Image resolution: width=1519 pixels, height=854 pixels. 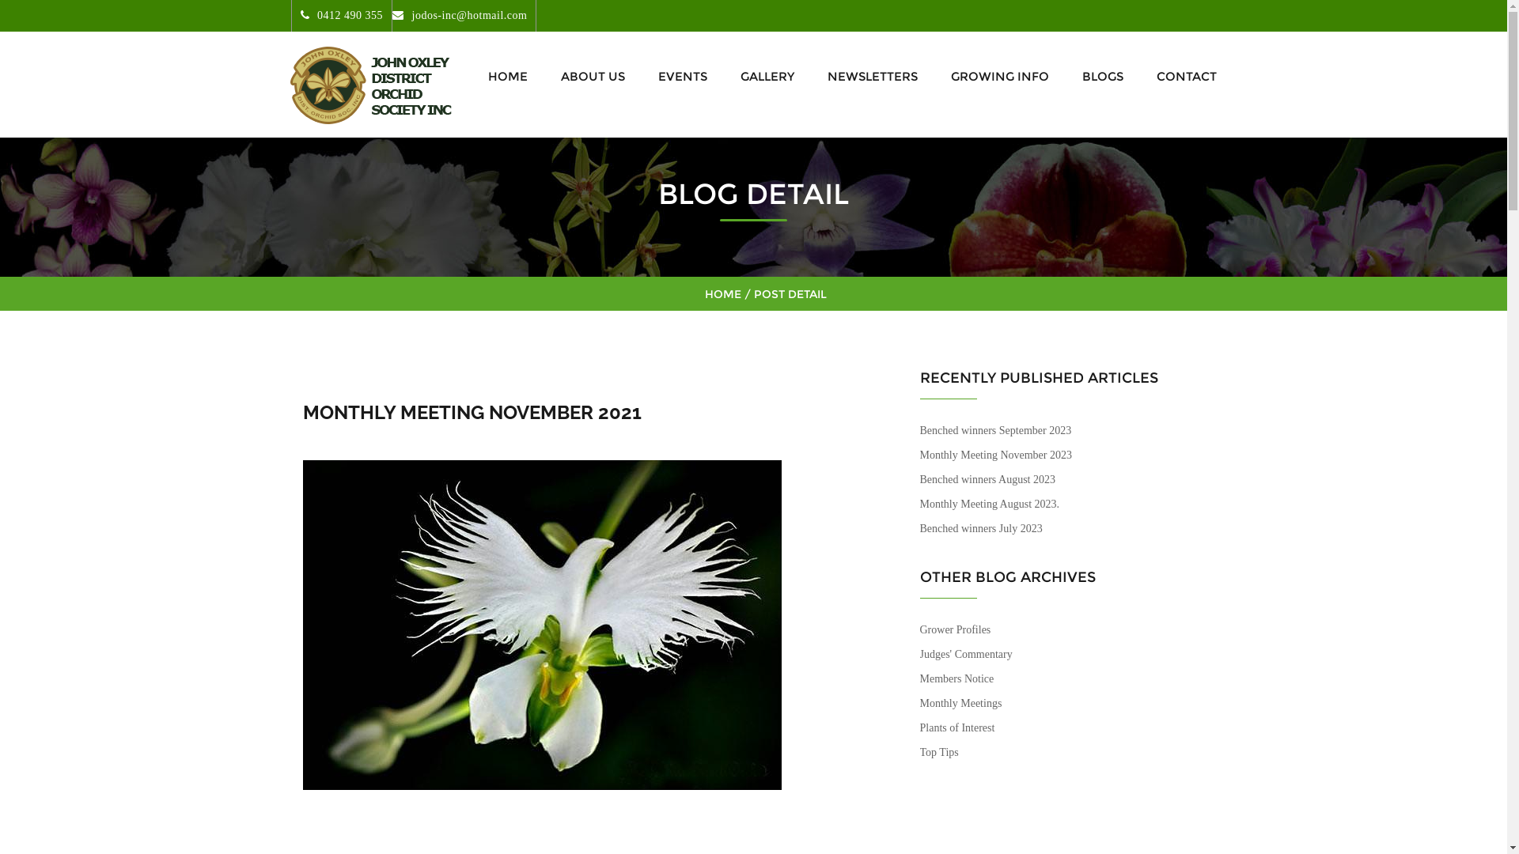 What do you see at coordinates (979, 528) in the screenshot?
I see `'Benched winners July 2023'` at bounding box center [979, 528].